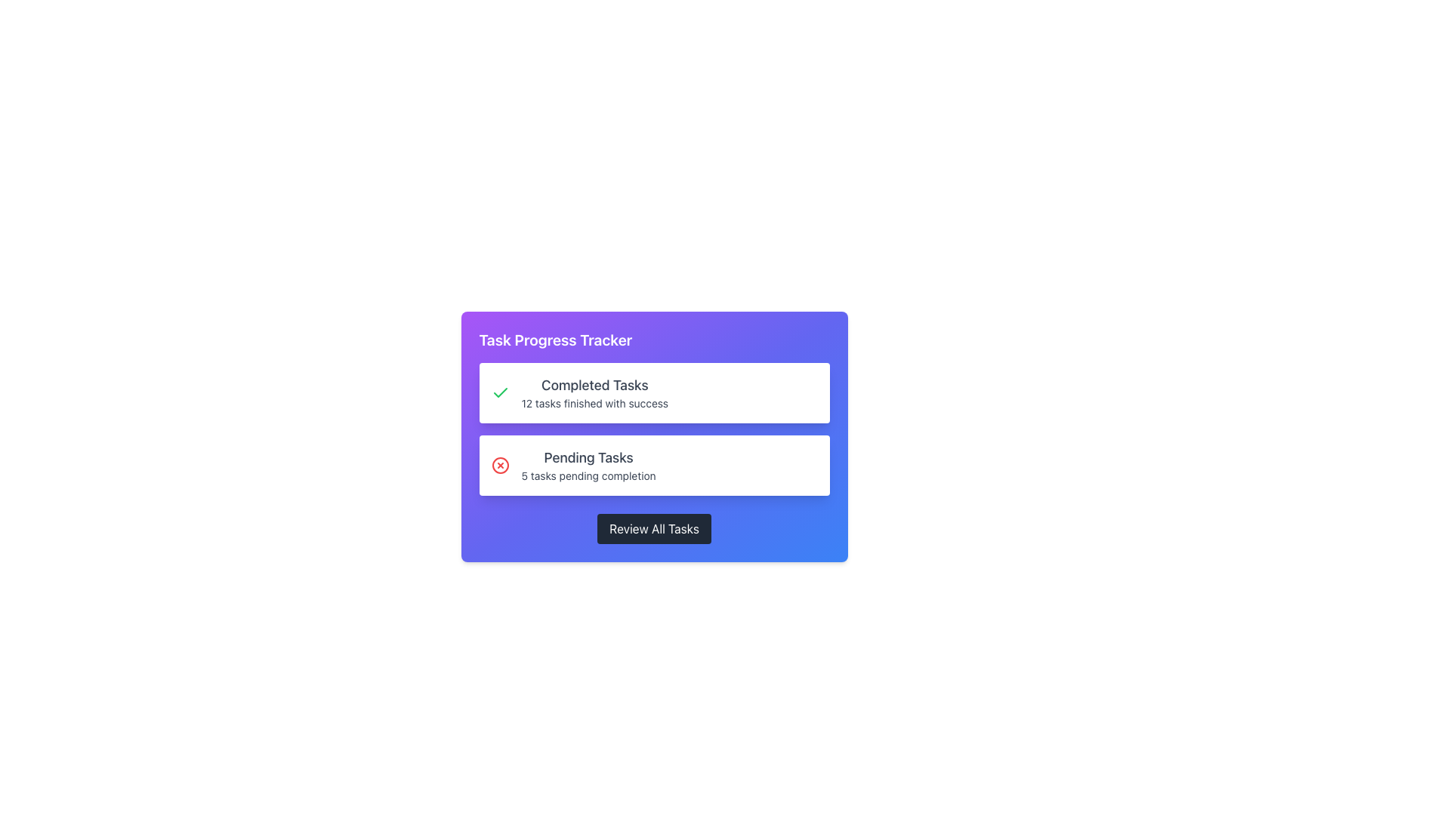 The image size is (1450, 815). Describe the element at coordinates (654, 528) in the screenshot. I see `the button labeled 'Review All Tasks' with a dark background and white text, located at the bottom of the 'Task Progress Tracker' panel` at that location.